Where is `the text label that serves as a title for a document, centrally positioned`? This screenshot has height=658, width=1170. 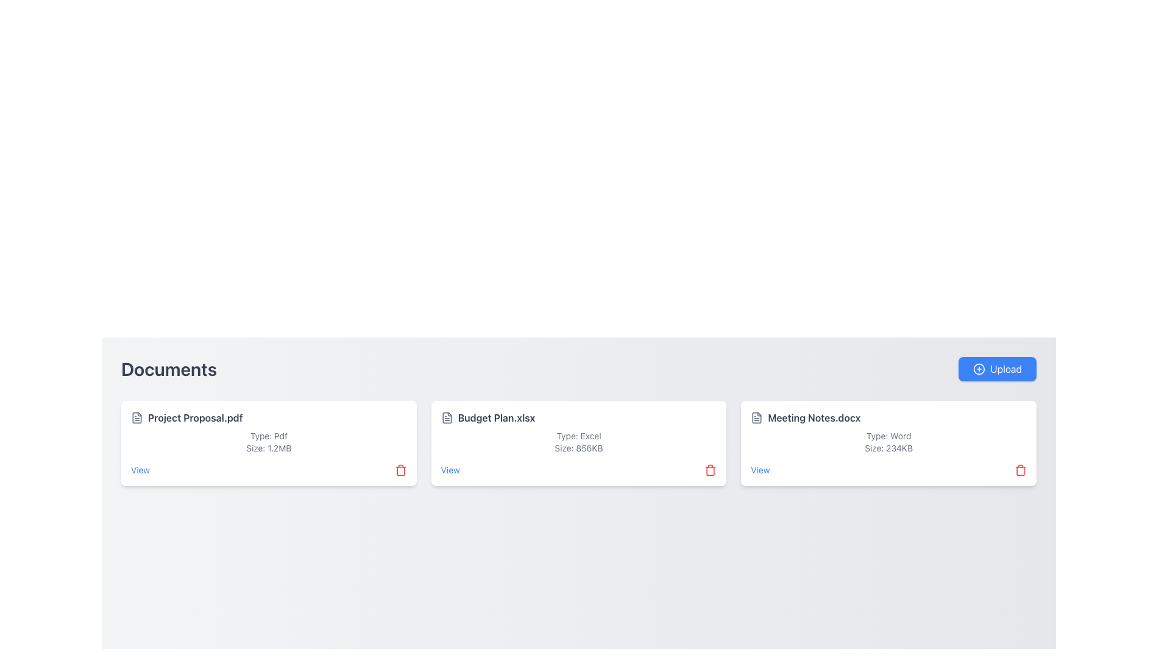
the text label that serves as a title for a document, centrally positioned is located at coordinates (195, 417).